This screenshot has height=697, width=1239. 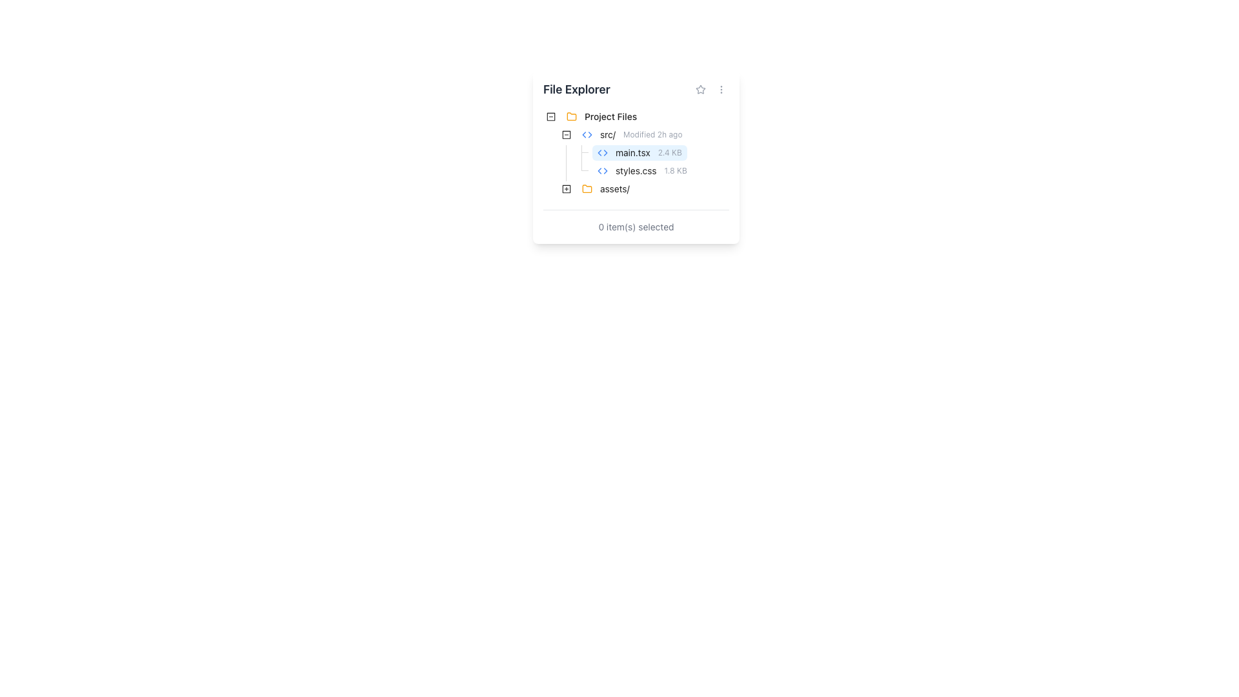 What do you see at coordinates (614, 134) in the screenshot?
I see `the 'src' expandable tree node folder in the file explorer interface` at bounding box center [614, 134].